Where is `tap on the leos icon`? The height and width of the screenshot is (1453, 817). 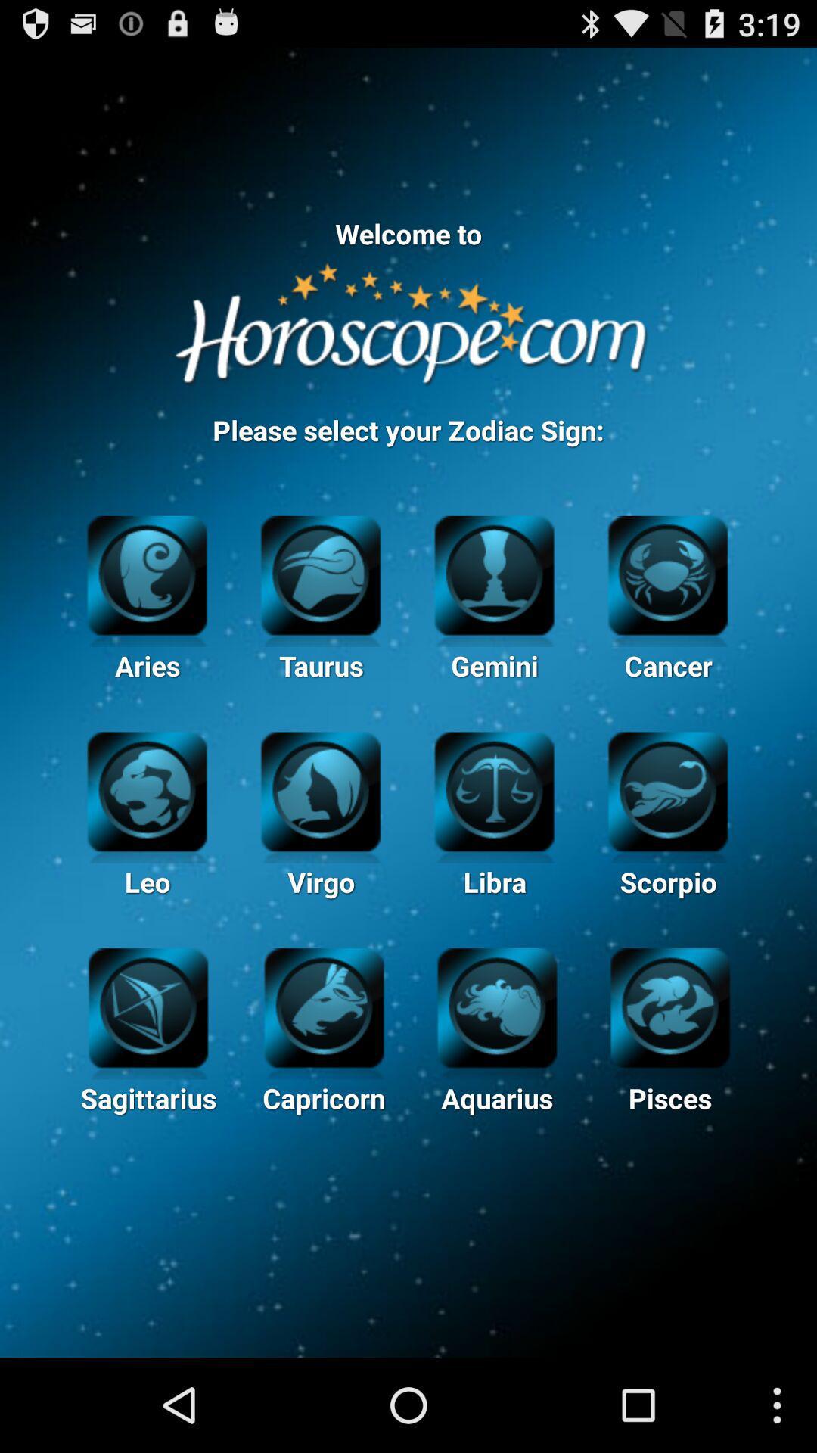
tap on the leos icon is located at coordinates (147, 797).